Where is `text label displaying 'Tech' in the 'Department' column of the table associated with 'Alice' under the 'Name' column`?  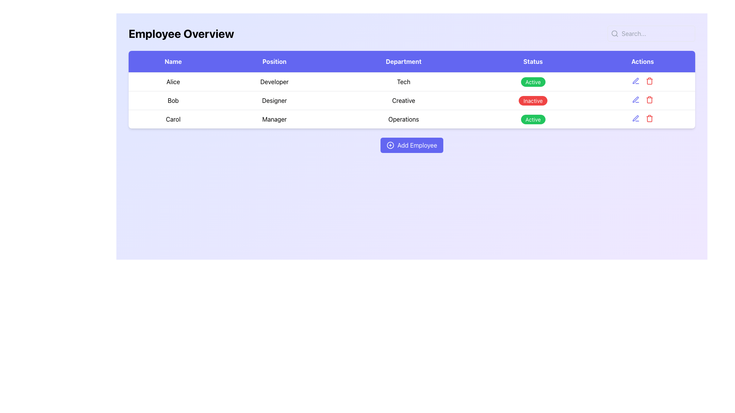 text label displaying 'Tech' in the 'Department' column of the table associated with 'Alice' under the 'Name' column is located at coordinates (403, 81).